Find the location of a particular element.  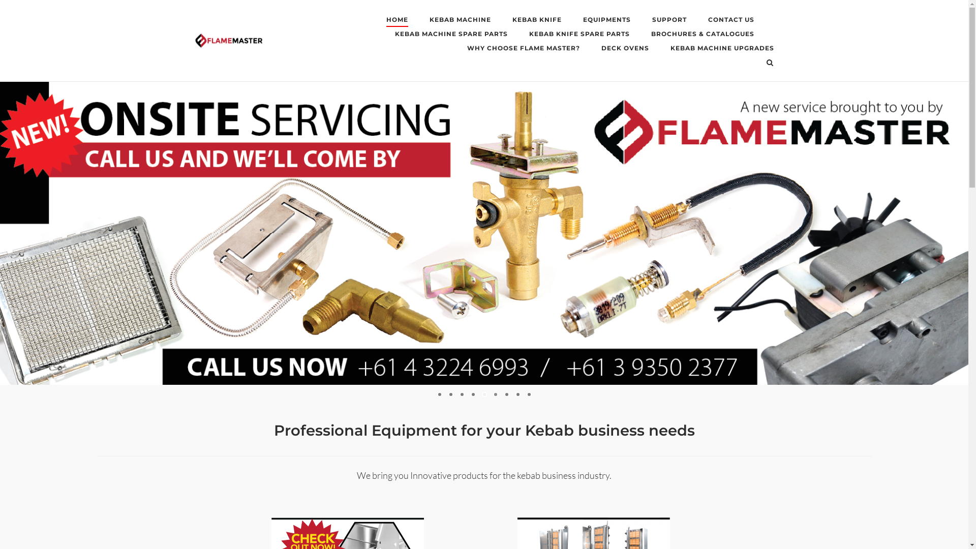

'KEBAB KNIFE' is located at coordinates (536, 21).